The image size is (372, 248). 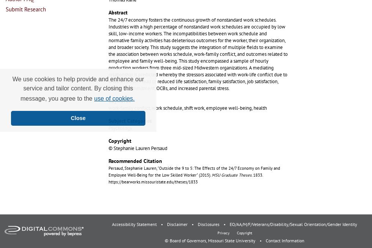 What do you see at coordinates (108, 161) in the screenshot?
I see `'Recommended Citation'` at bounding box center [108, 161].